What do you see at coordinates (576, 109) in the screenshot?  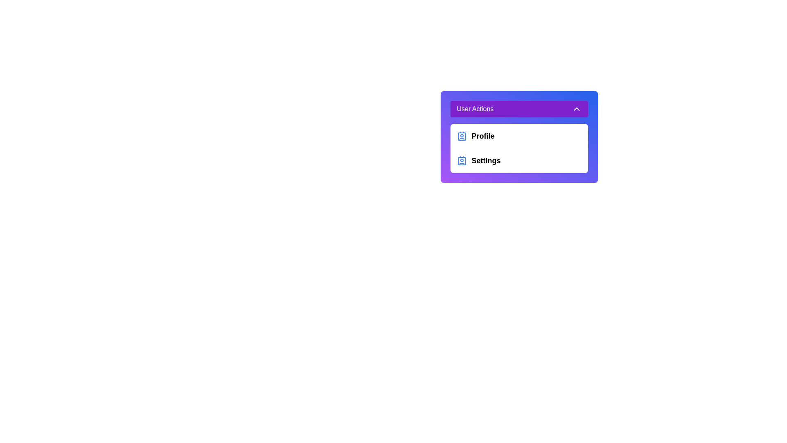 I see `the icon located at the far-right end of the purple header bar titled 'User Actions'` at bounding box center [576, 109].